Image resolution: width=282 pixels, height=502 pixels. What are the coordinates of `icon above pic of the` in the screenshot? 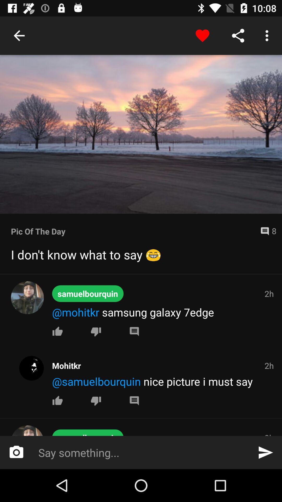 It's located at (141, 134).